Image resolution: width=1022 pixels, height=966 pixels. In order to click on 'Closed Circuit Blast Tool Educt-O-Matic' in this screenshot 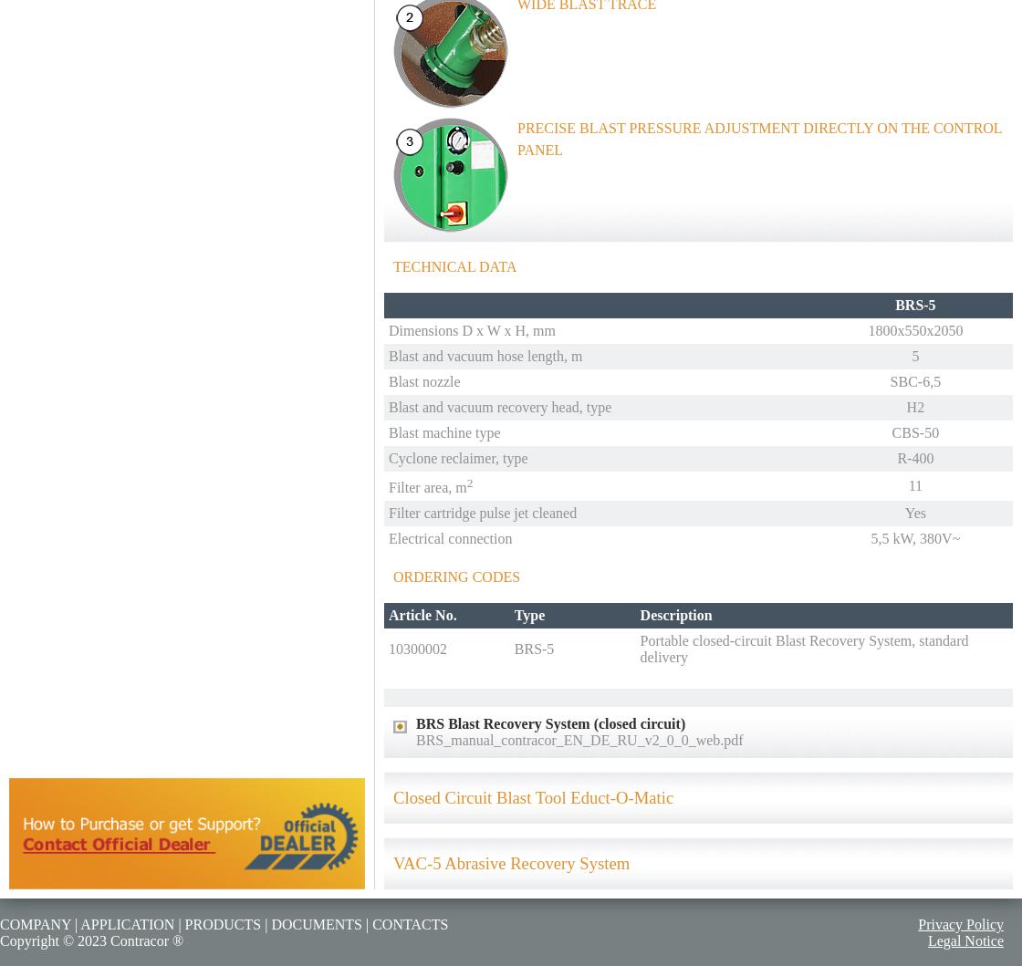, I will do `click(533, 796)`.